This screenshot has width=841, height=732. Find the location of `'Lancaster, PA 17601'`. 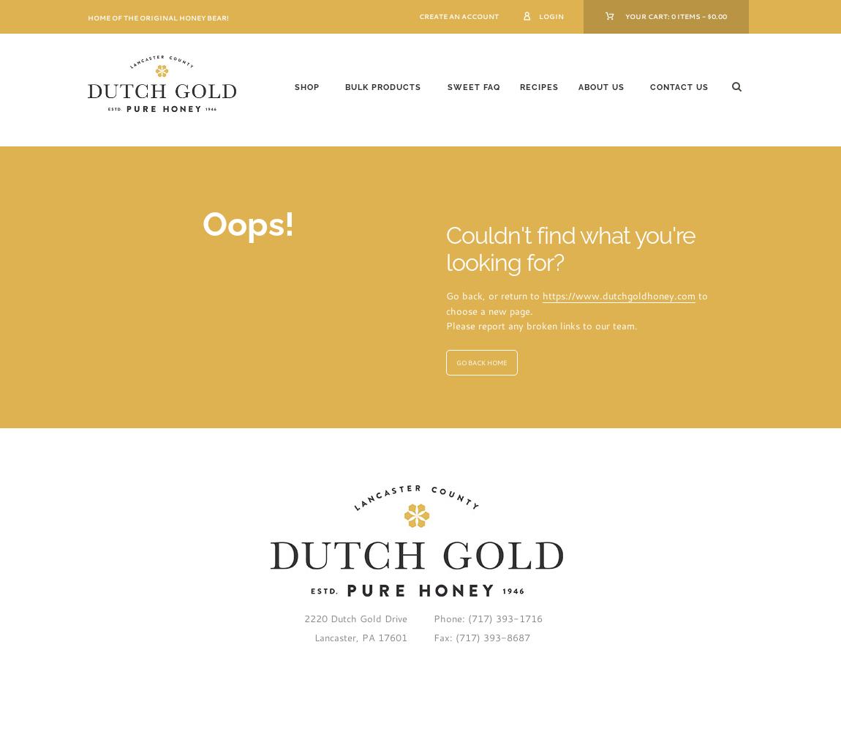

'Lancaster, PA 17601' is located at coordinates (360, 637).